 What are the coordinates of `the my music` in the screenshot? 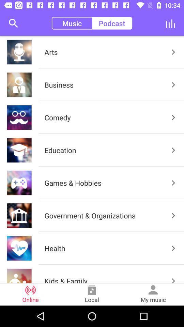 It's located at (153, 294).